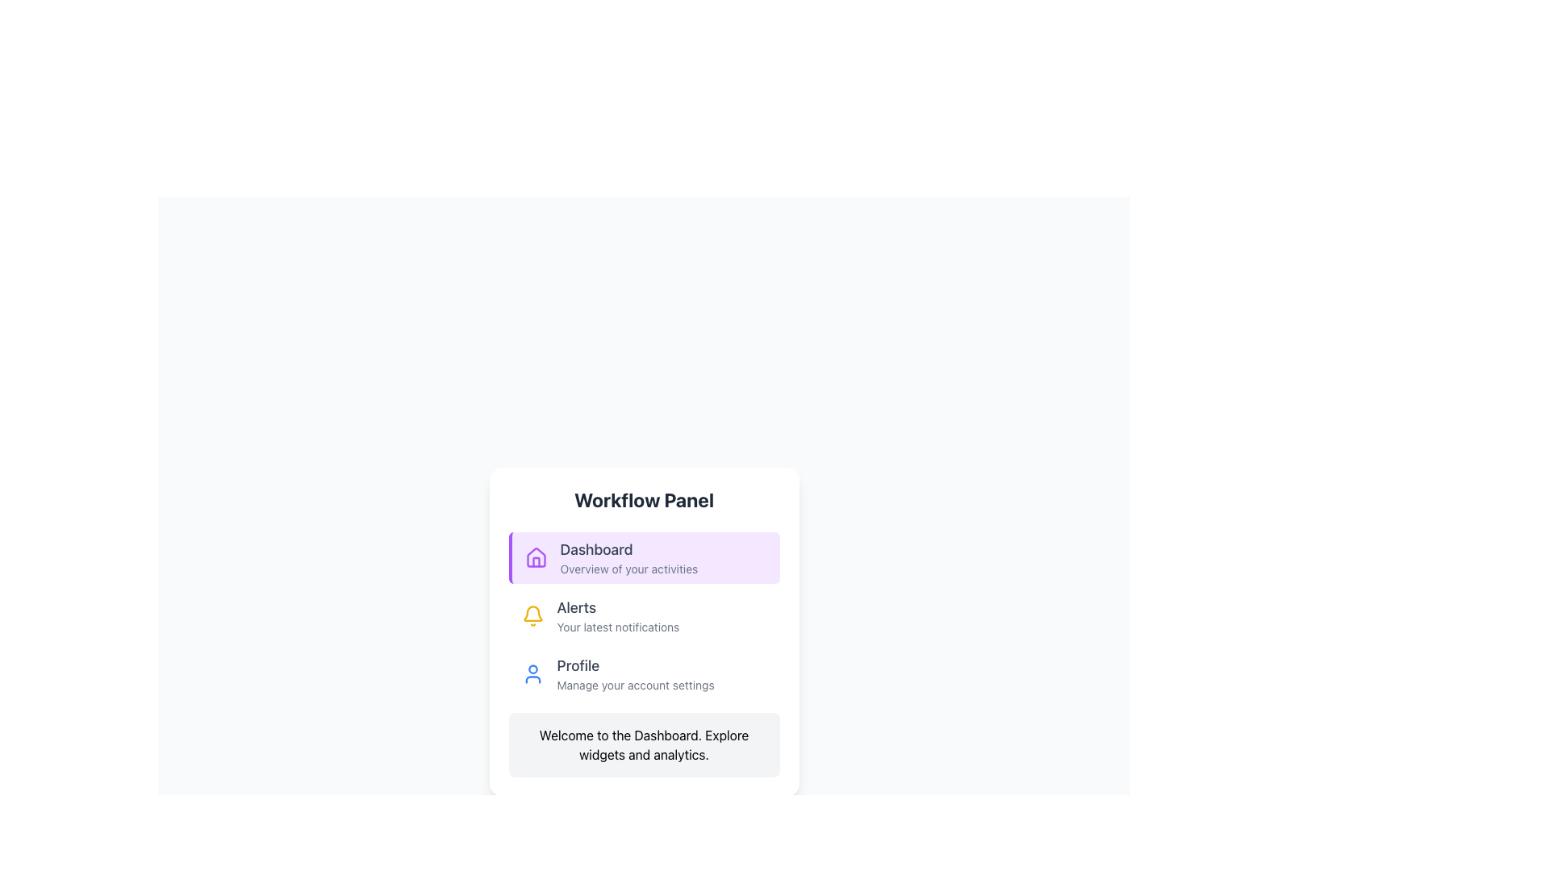  I want to click on the static text label that describes the 'Profile' section, which is located beneath the 'Profile' title text in the lower part of the Profile section, so click(635, 685).